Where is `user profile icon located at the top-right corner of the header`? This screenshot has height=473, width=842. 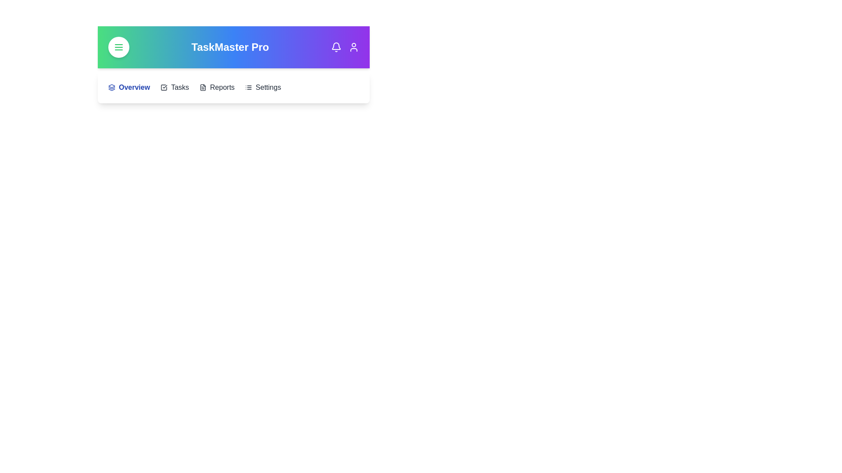
user profile icon located at the top-right corner of the header is located at coordinates (353, 47).